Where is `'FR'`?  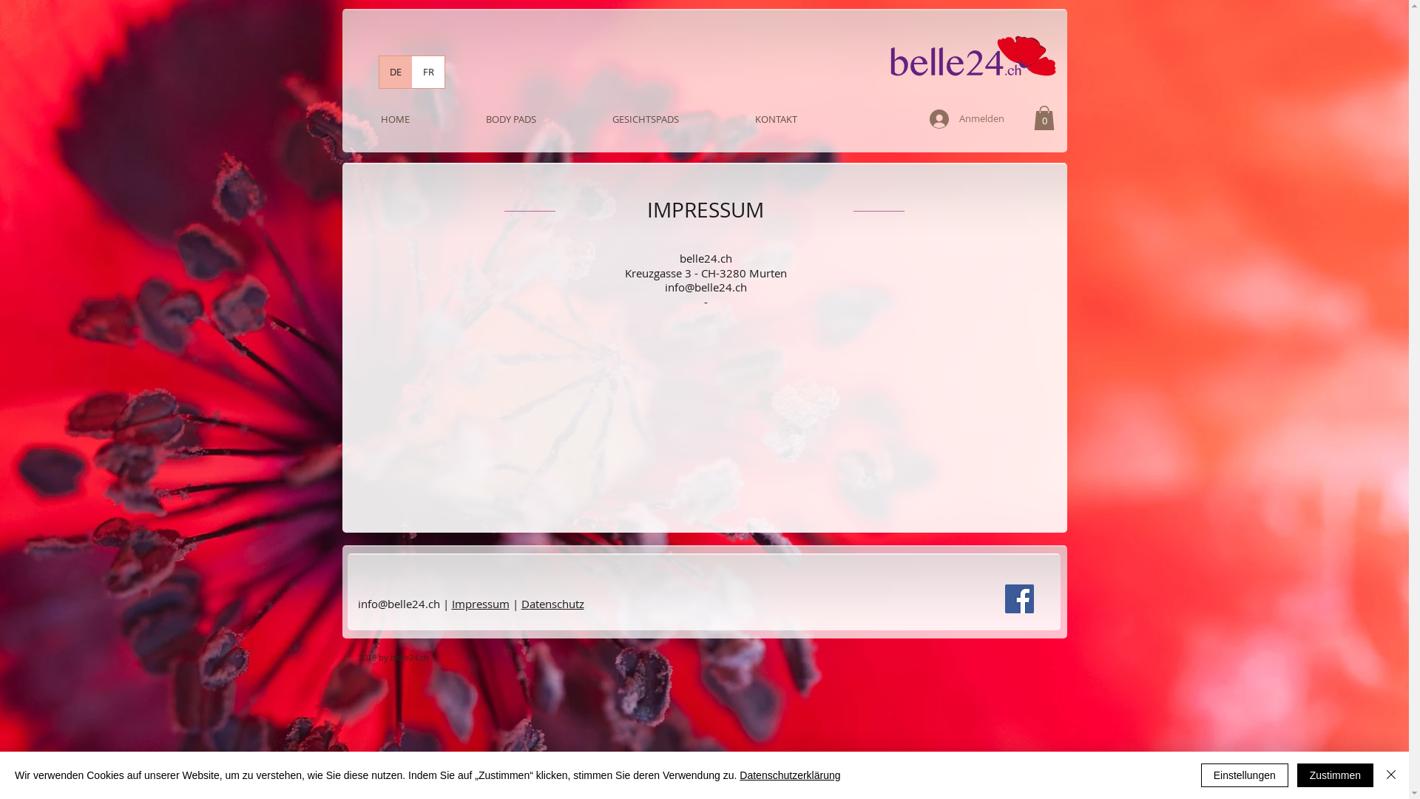
'FR' is located at coordinates (426, 72).